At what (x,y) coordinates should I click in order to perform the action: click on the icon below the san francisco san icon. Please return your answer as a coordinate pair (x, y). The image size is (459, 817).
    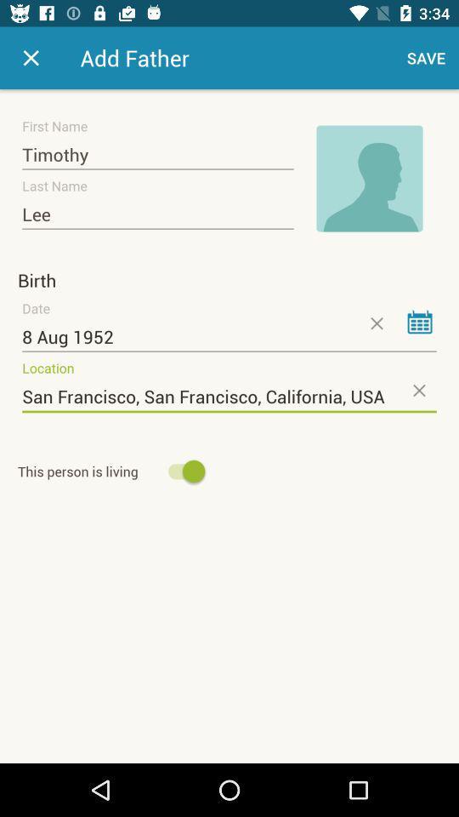
    Looking at the image, I should click on (113, 471).